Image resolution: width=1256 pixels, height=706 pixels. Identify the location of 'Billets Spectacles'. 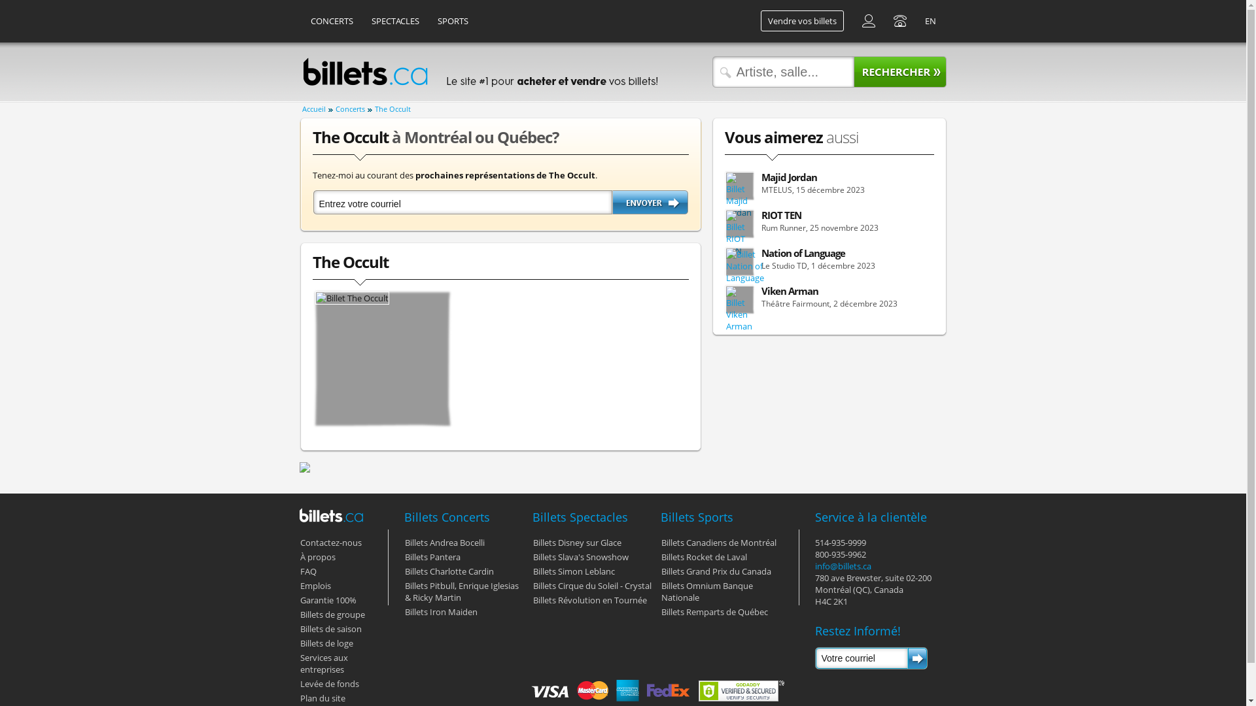
(580, 516).